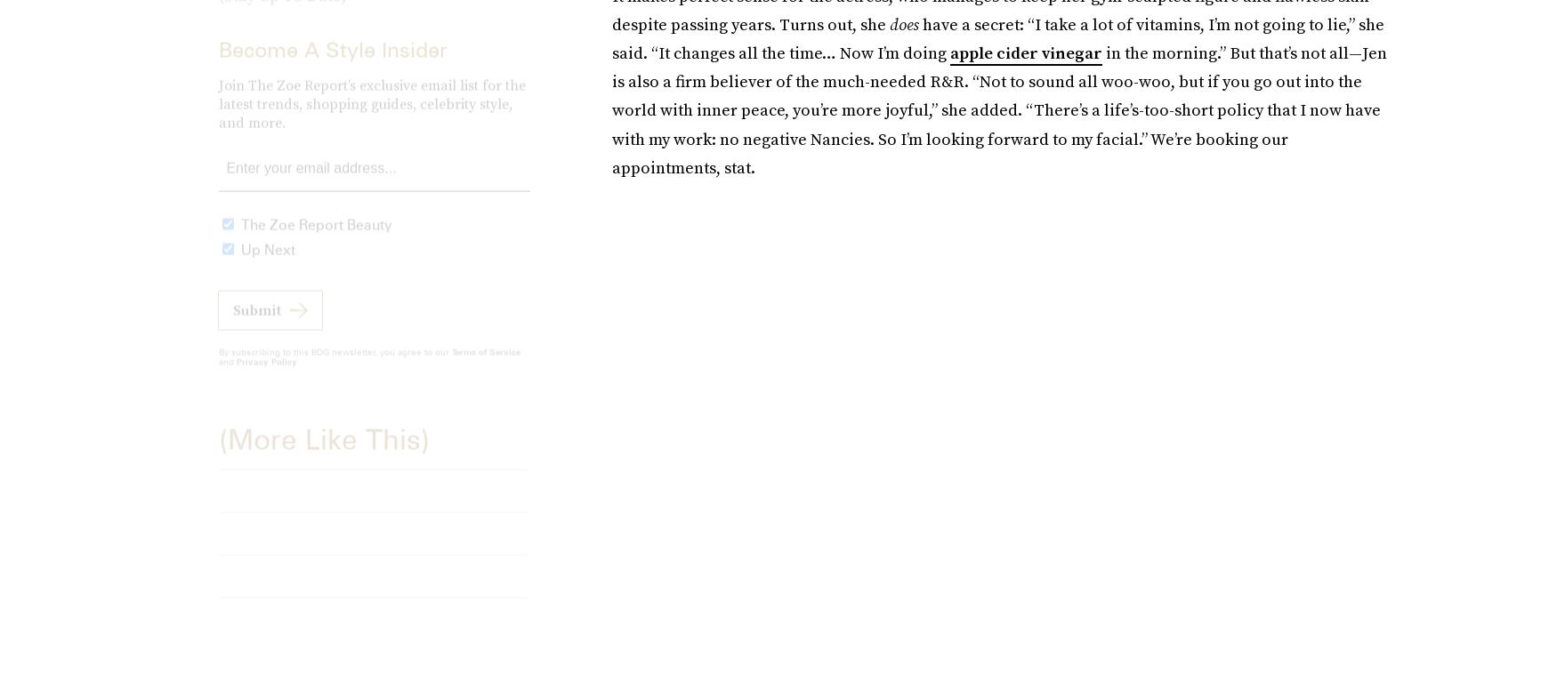  What do you see at coordinates (255, 323) in the screenshot?
I see `'Submit'` at bounding box center [255, 323].